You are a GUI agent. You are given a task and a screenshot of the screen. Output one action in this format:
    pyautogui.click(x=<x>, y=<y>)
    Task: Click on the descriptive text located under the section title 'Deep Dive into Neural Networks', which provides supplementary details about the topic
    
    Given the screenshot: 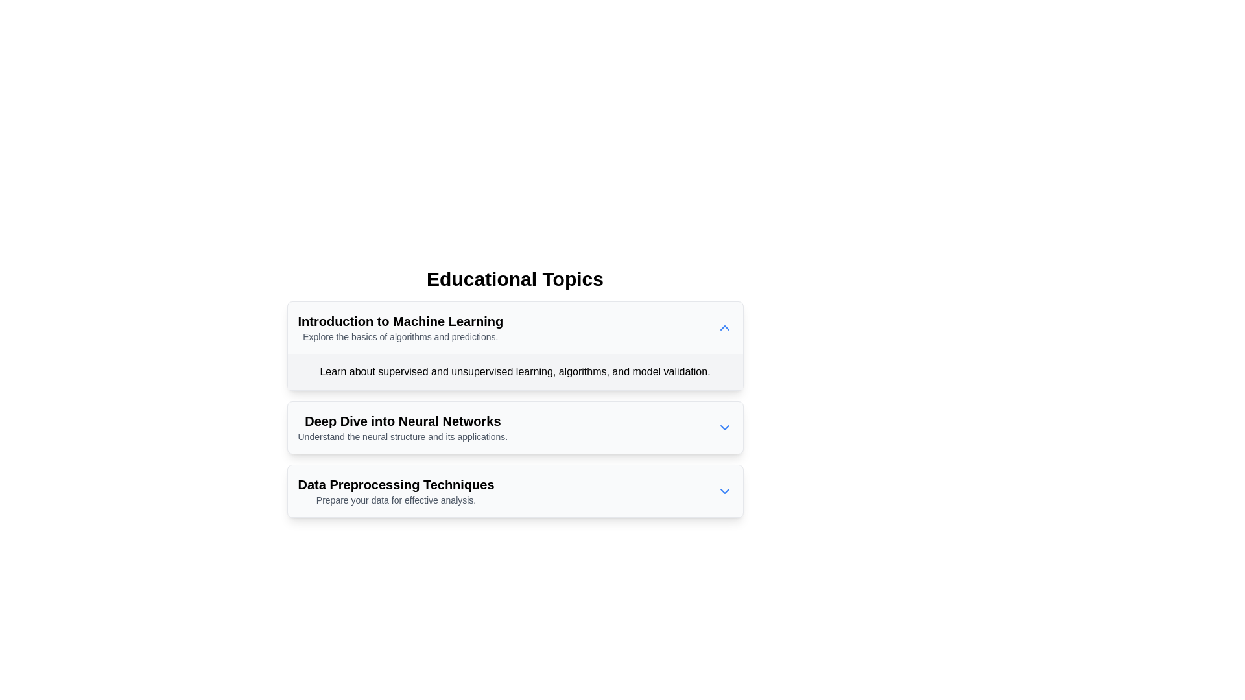 What is the action you would take?
    pyautogui.click(x=402, y=437)
    